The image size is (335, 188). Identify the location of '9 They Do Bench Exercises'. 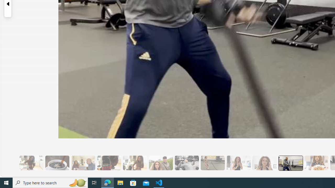
(187, 163).